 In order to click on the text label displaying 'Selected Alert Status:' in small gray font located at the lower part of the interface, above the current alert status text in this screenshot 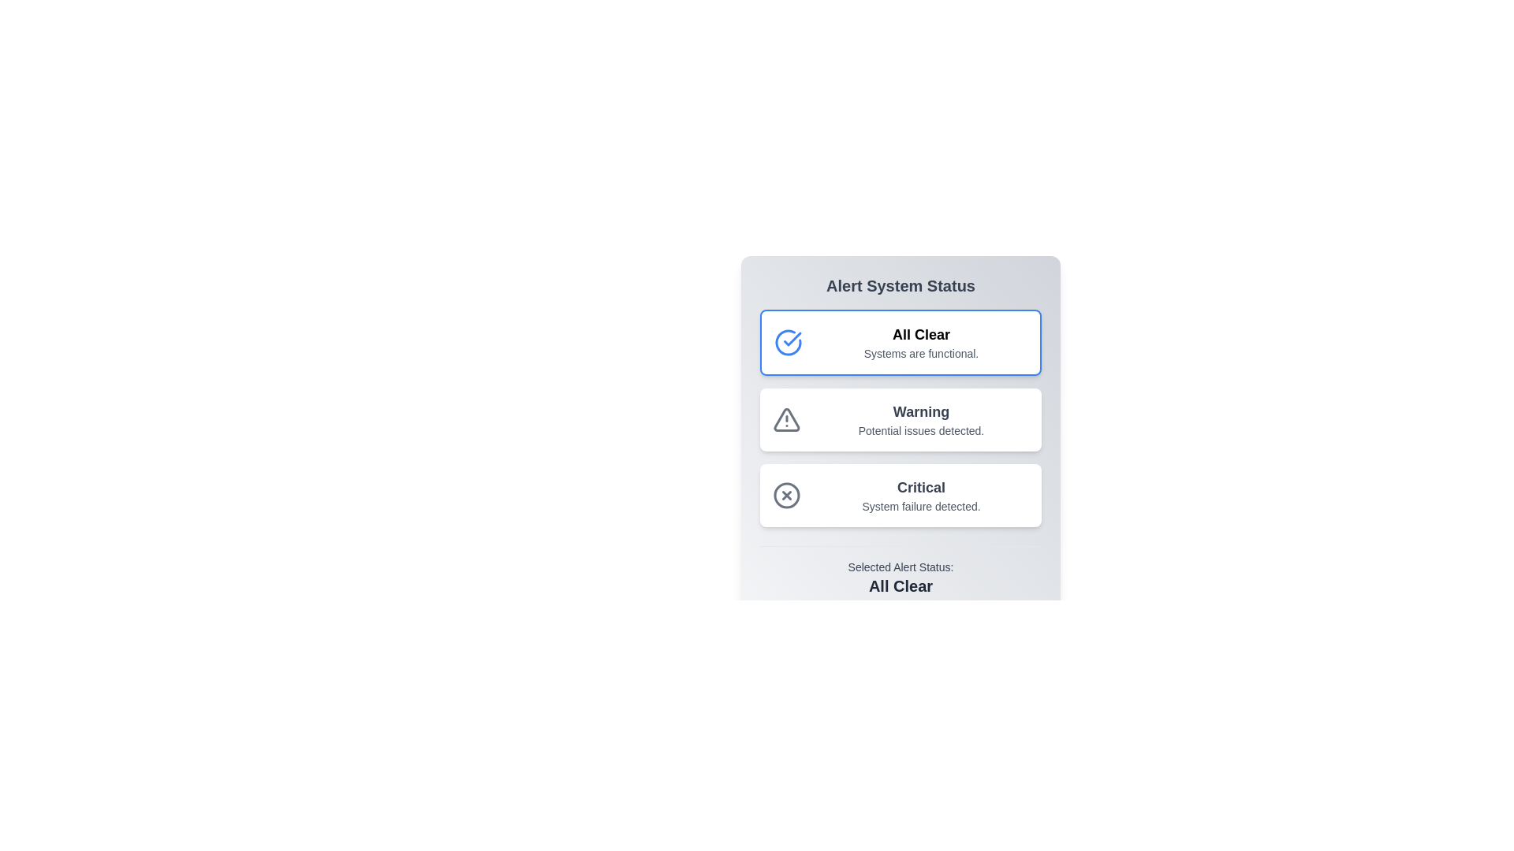, I will do `click(901, 567)`.